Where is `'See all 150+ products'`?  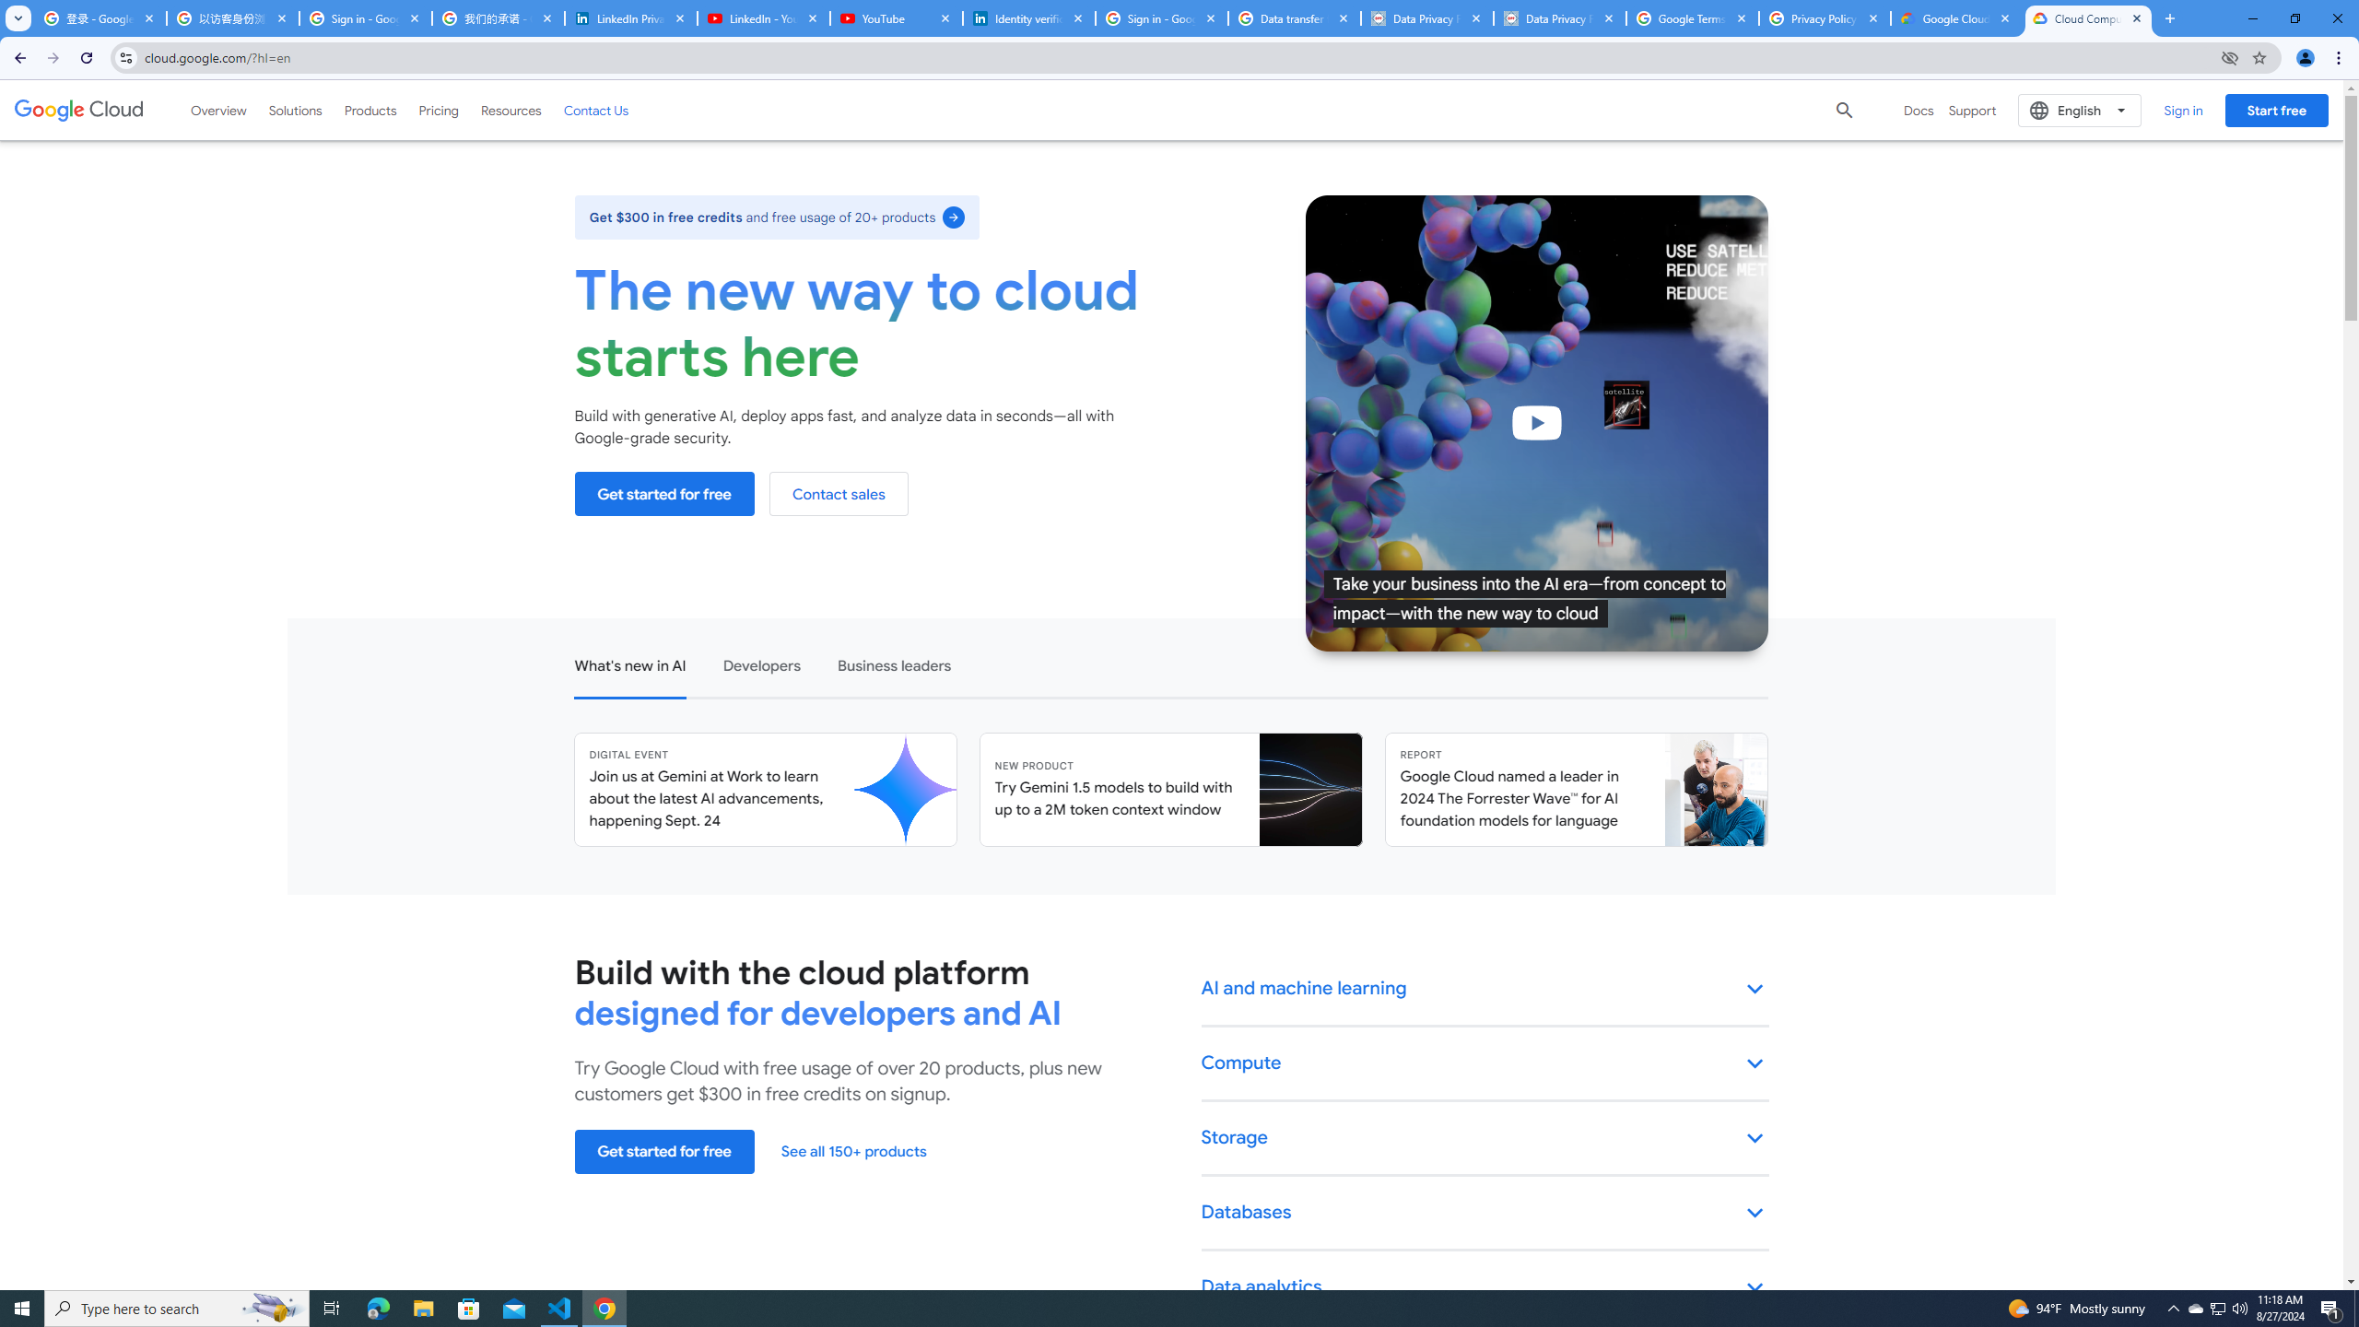 'See all 150+ products' is located at coordinates (852, 1150).